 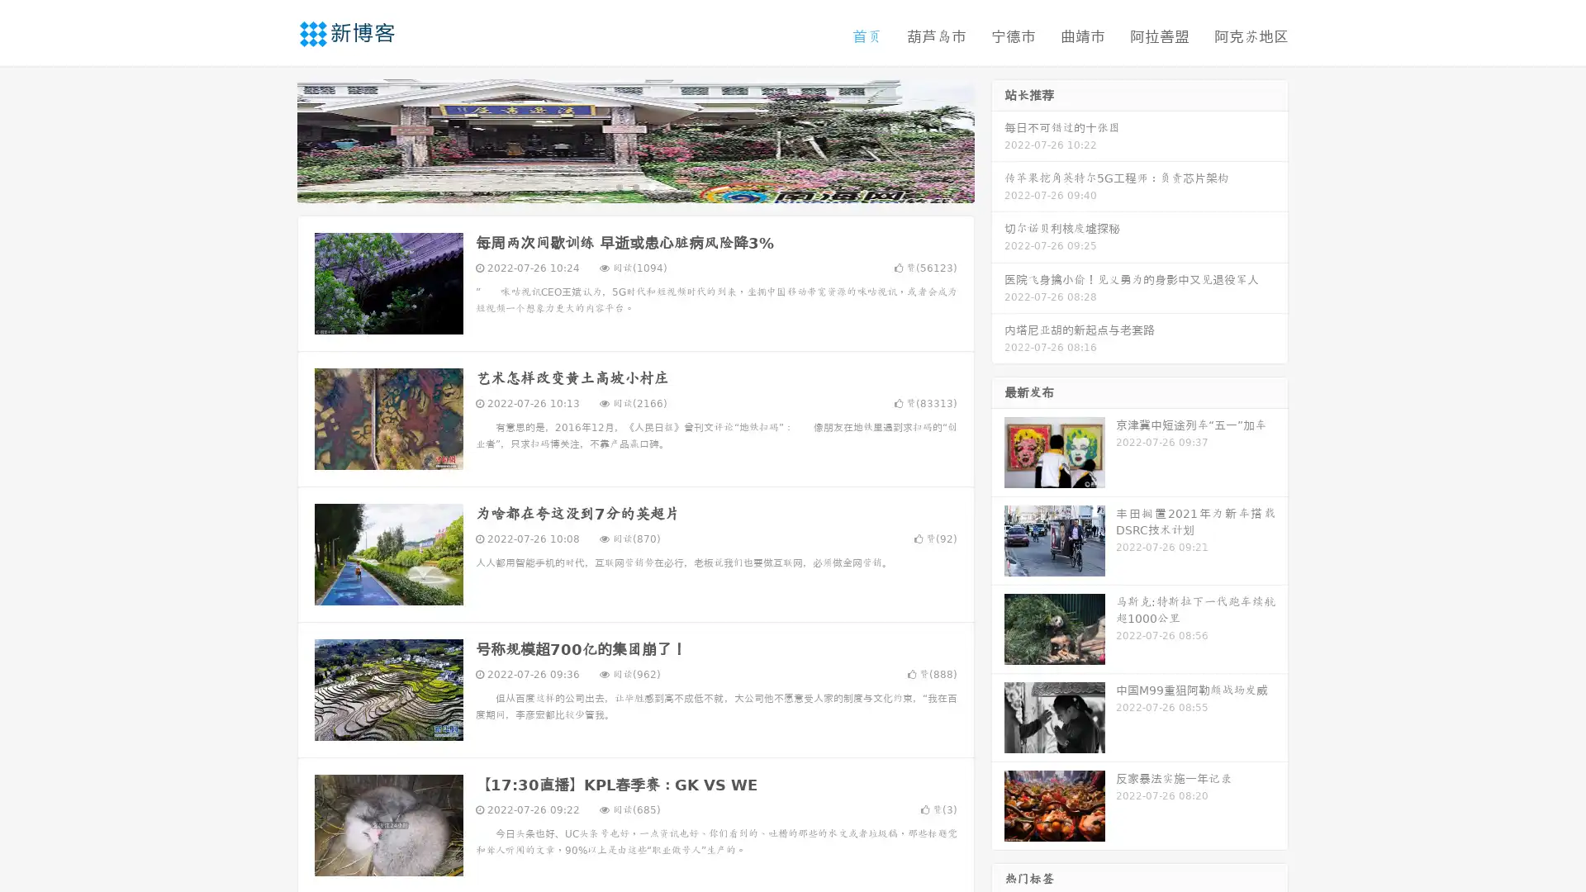 I want to click on Go to slide 2, so click(x=634, y=186).